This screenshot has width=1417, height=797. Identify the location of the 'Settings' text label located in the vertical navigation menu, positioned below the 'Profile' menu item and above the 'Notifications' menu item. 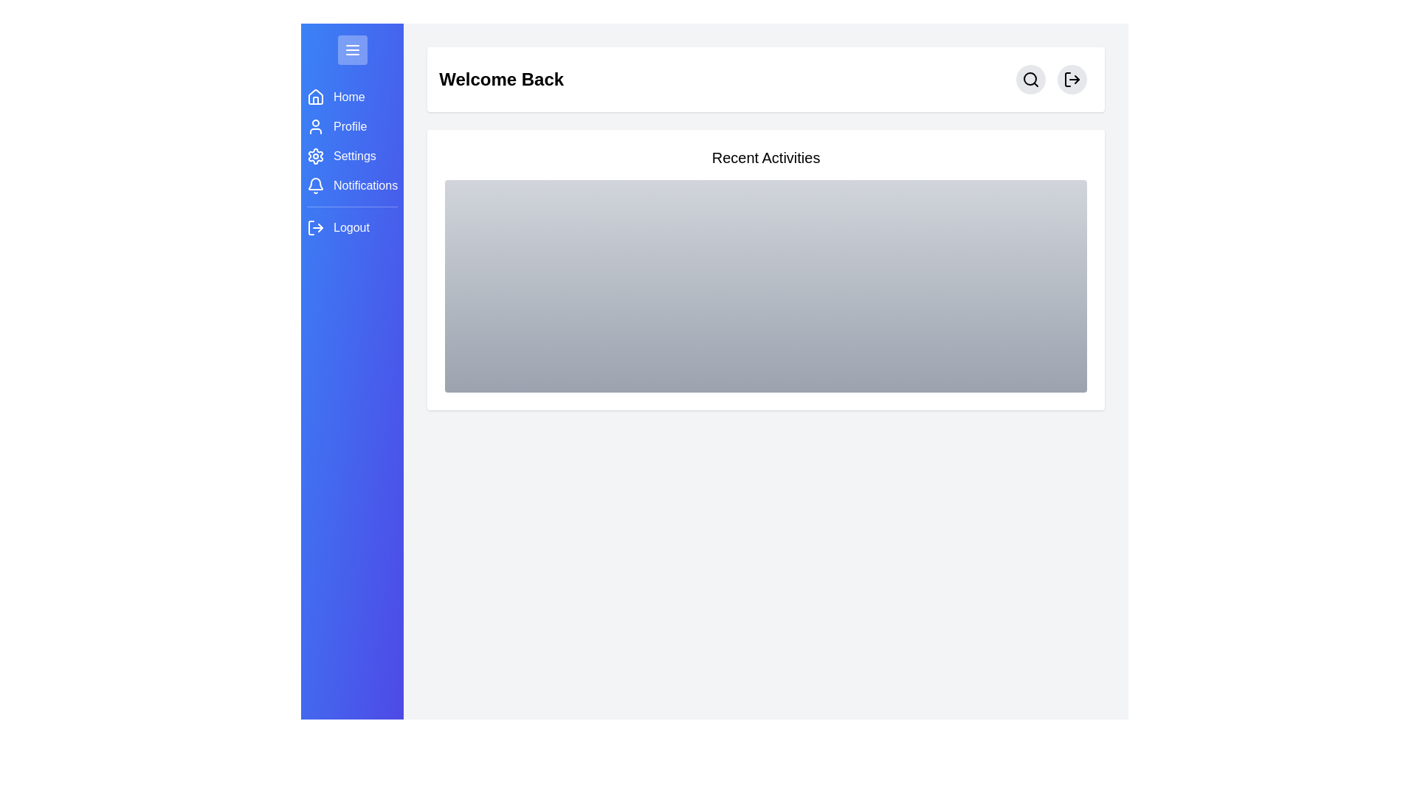
(354, 156).